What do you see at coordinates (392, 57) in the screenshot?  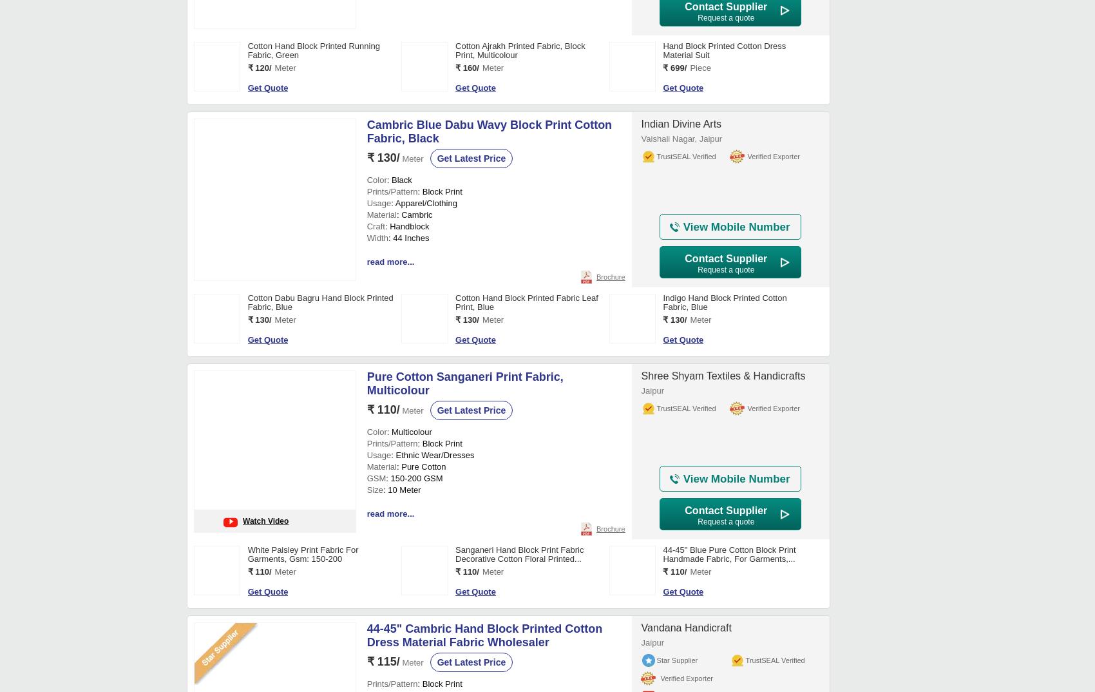 I see `':  90'` at bounding box center [392, 57].